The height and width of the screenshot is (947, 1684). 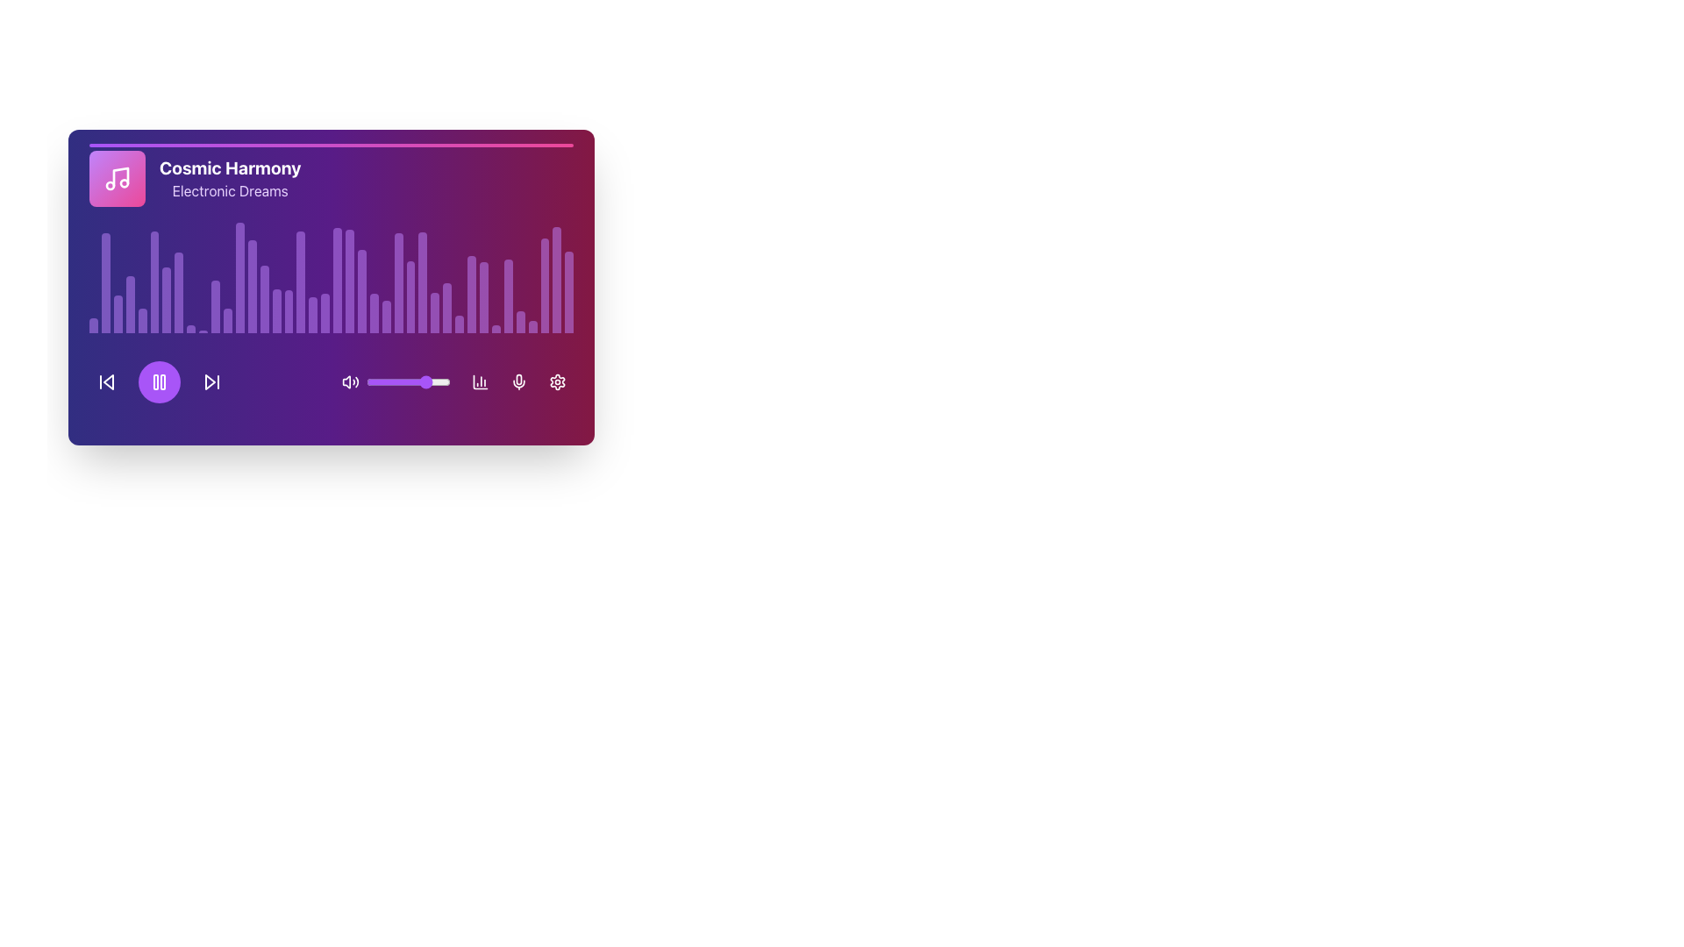 What do you see at coordinates (385, 317) in the screenshot?
I see `the graphical bar in the equalizer interface, which is the 24th element from the left in a horizontal arrangement` at bounding box center [385, 317].